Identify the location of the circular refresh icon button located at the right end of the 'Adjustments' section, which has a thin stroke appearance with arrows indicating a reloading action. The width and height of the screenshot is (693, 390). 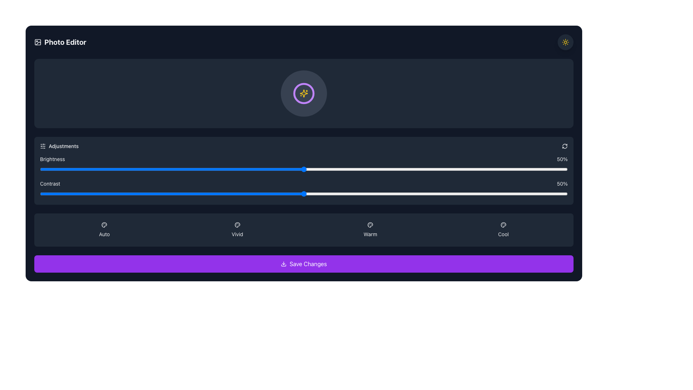
(564, 146).